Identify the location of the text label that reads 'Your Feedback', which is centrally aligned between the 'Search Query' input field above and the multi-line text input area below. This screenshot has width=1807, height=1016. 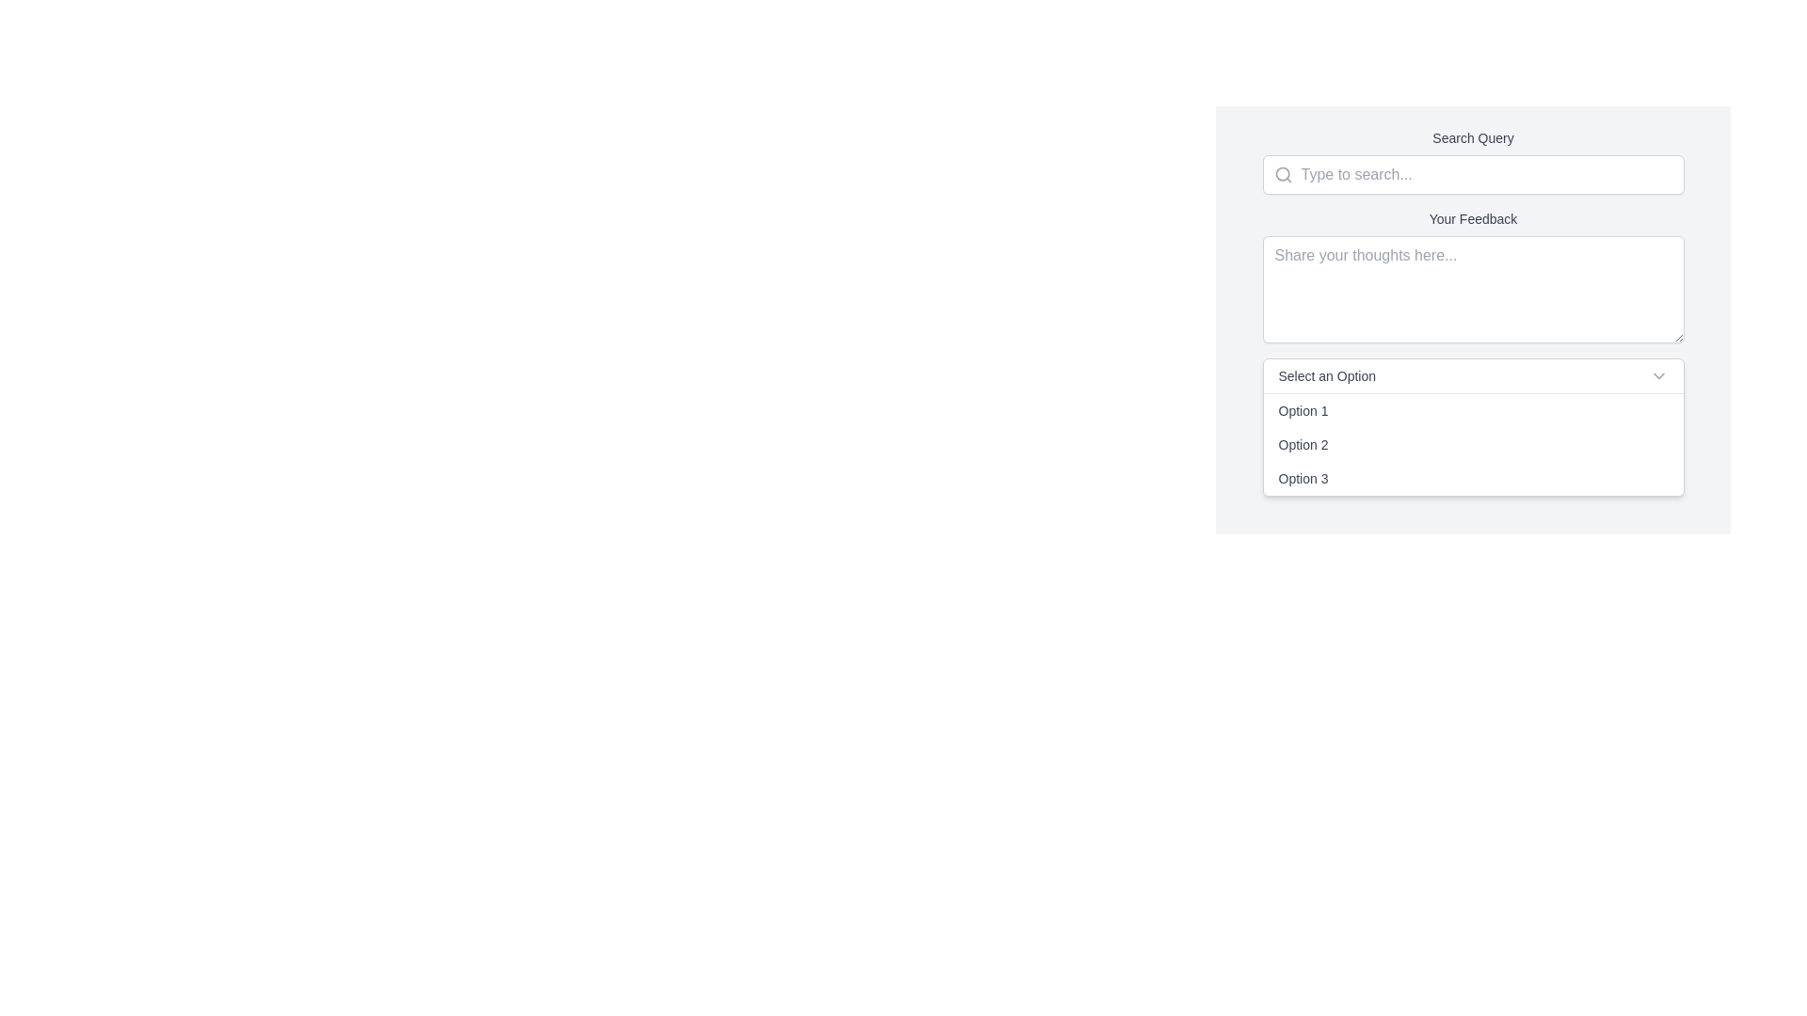
(1472, 217).